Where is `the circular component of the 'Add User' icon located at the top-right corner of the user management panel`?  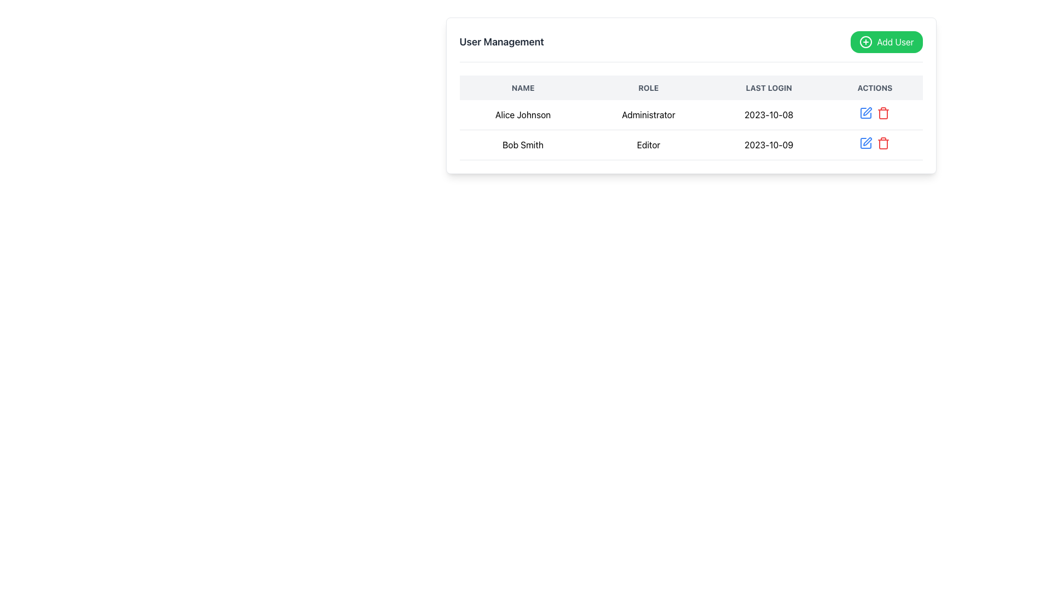
the circular component of the 'Add User' icon located at the top-right corner of the user management panel is located at coordinates (865, 42).